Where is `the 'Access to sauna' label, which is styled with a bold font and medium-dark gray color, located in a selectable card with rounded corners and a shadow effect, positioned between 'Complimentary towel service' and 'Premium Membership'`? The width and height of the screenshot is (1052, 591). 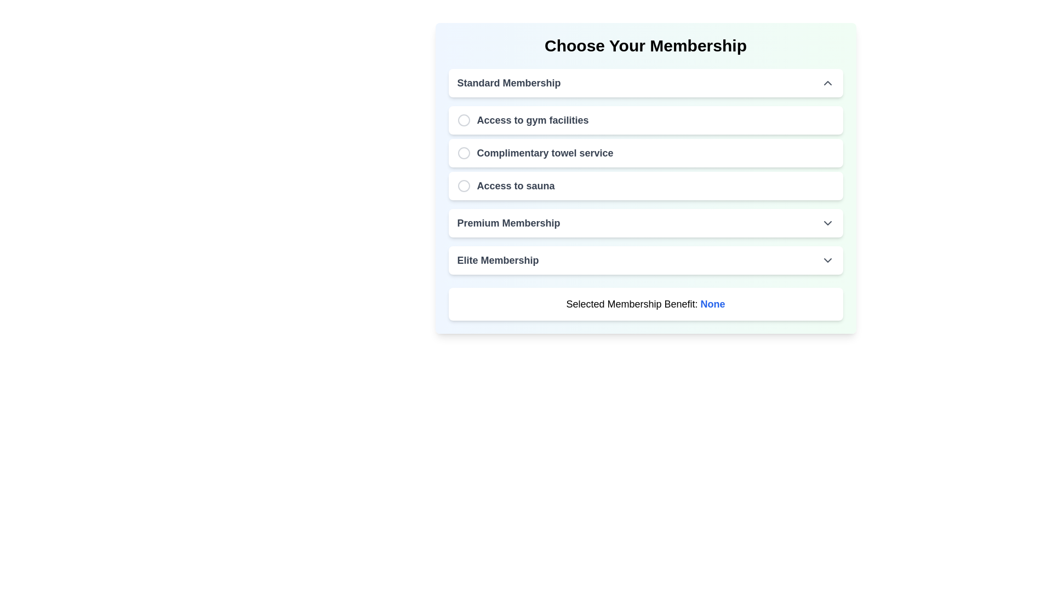 the 'Access to sauna' label, which is styled with a bold font and medium-dark gray color, located in a selectable card with rounded corners and a shadow effect, positioned between 'Complimentary towel service' and 'Premium Membership' is located at coordinates (515, 185).